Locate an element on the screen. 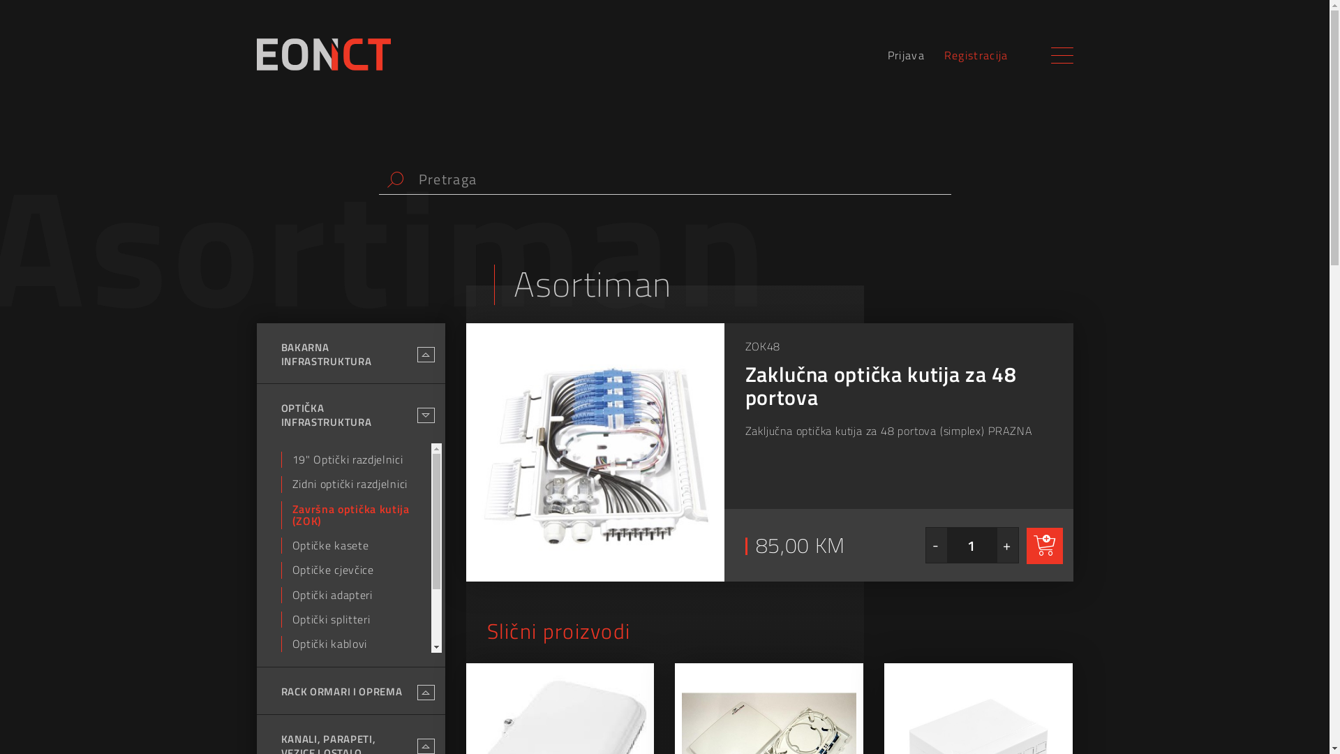 The image size is (1340, 754). 'Registracija' is located at coordinates (975, 54).